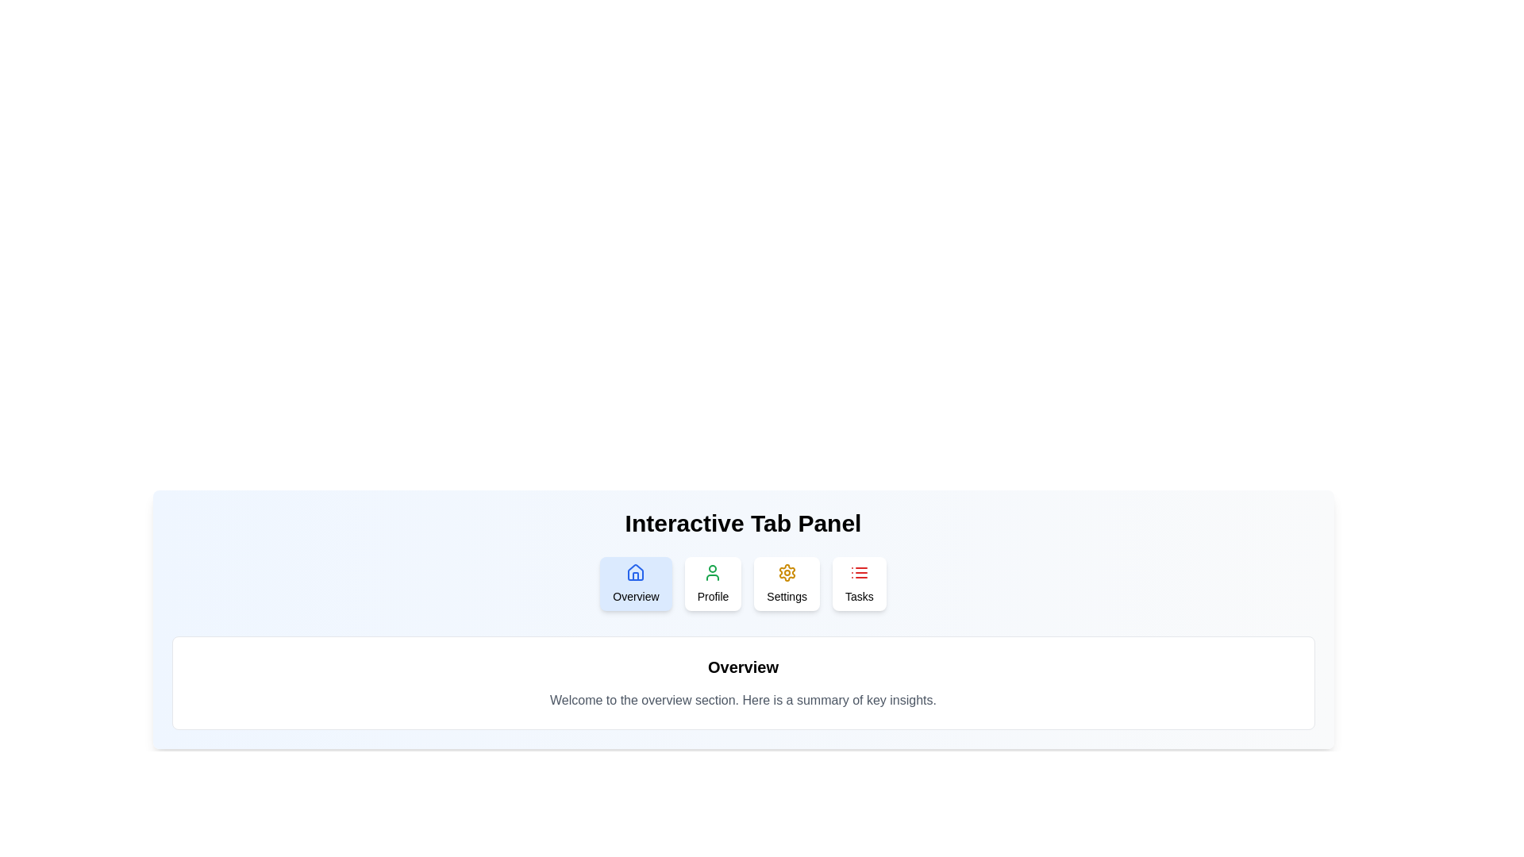 The image size is (1524, 857). Describe the element at coordinates (858, 584) in the screenshot. I see `the Tasks tab to view its content` at that location.